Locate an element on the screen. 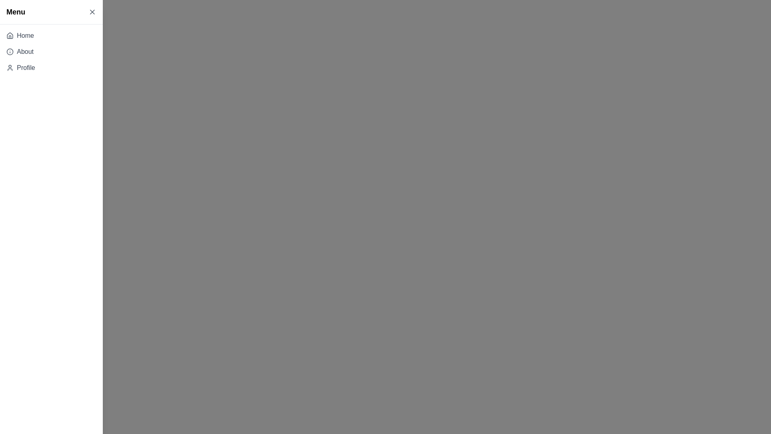 This screenshot has width=771, height=434. the user profile icon located on the left-hand side menu, adjacent to the 'Profile' text, which signifies personal account settings is located at coordinates (10, 68).